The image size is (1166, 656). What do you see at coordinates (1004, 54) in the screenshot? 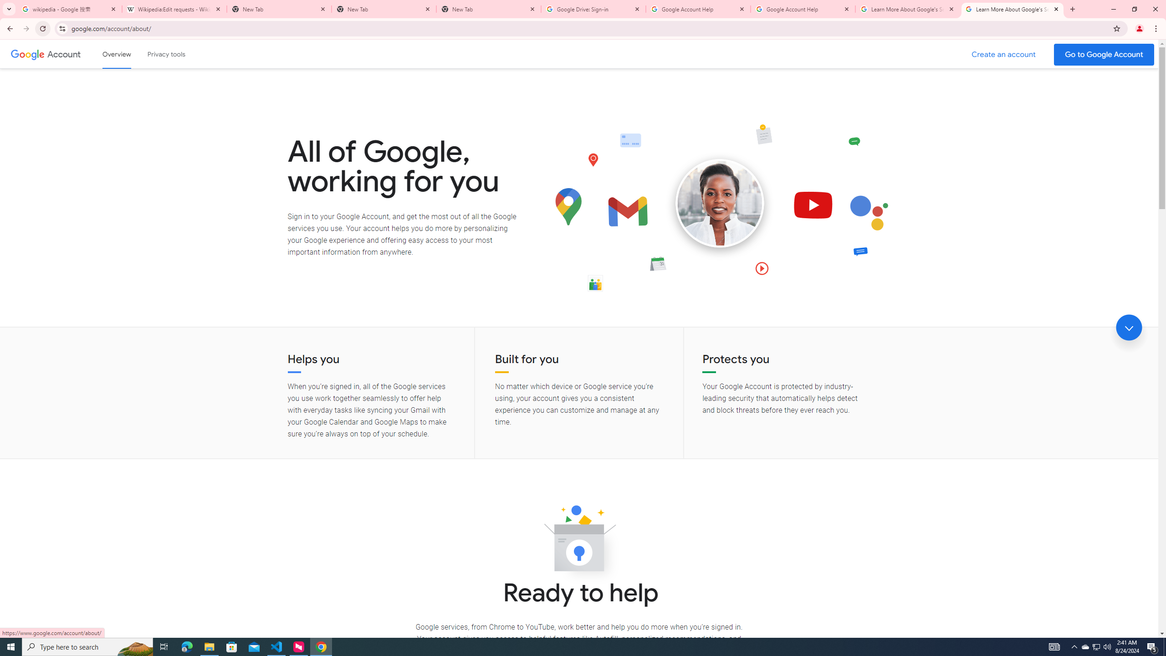
I see `'Create a Google Account'` at bounding box center [1004, 54].